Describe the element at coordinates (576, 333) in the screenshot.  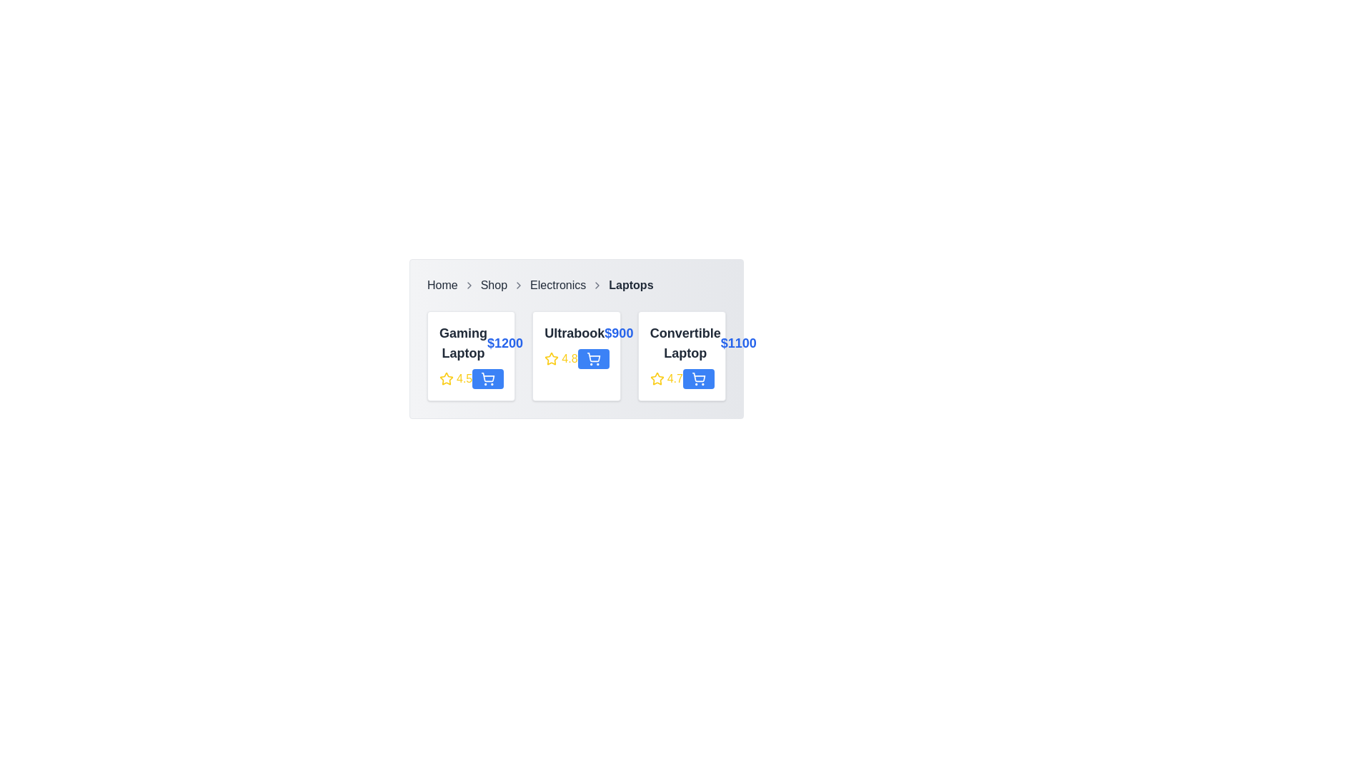
I see `text content of the Label displaying the name and price of the product in the second card labeled 'Ultrabook'` at that location.